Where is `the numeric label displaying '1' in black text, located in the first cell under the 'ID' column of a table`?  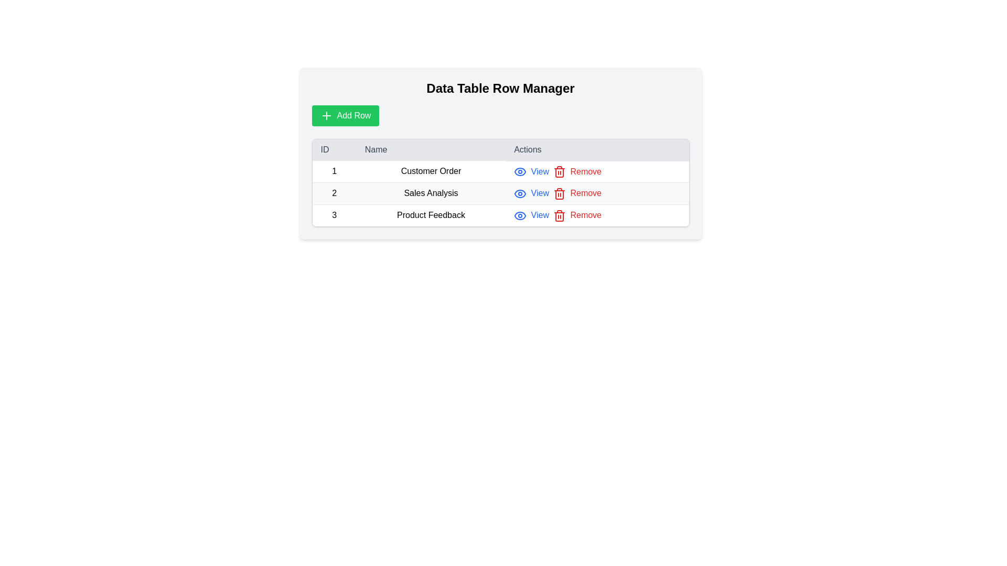 the numeric label displaying '1' in black text, located in the first cell under the 'ID' column of a table is located at coordinates (334, 171).